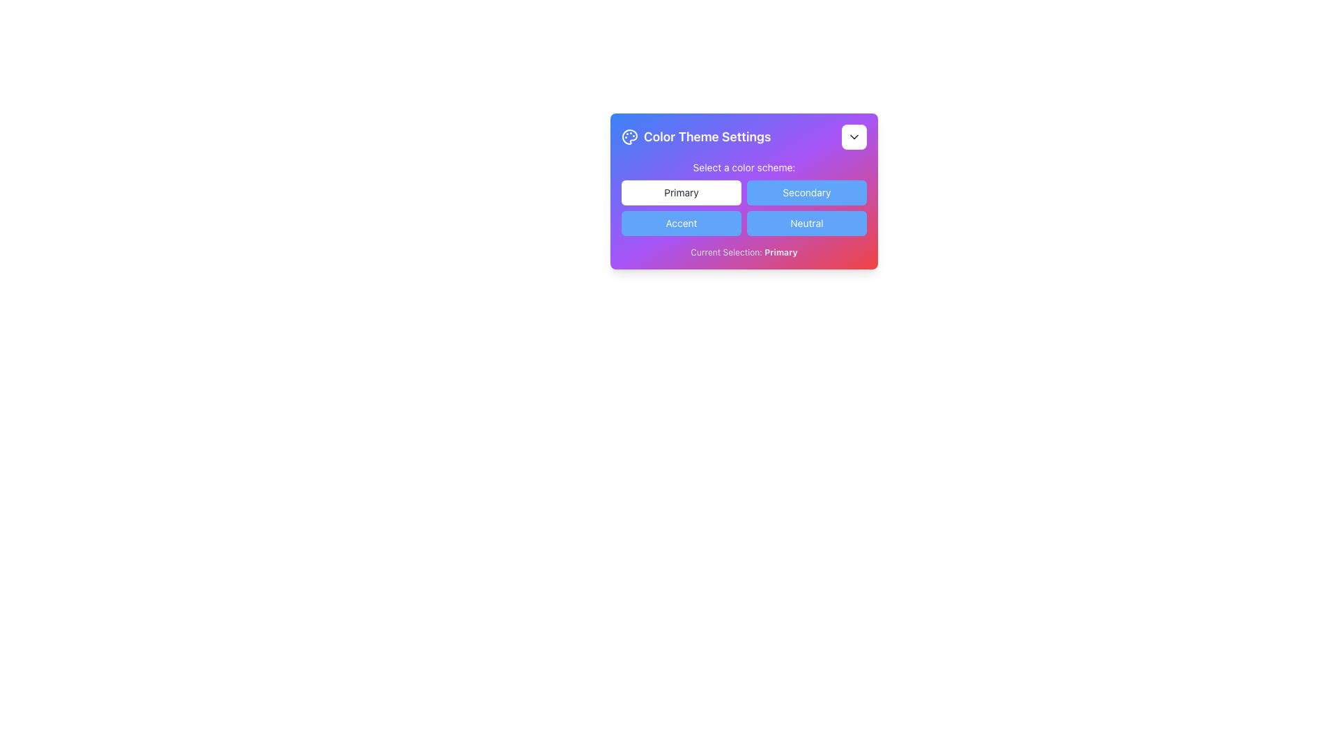 The width and height of the screenshot is (1338, 752). Describe the element at coordinates (682, 222) in the screenshot. I see `the 'Accent' color scheme button located in the bottom-left of the grid` at that location.